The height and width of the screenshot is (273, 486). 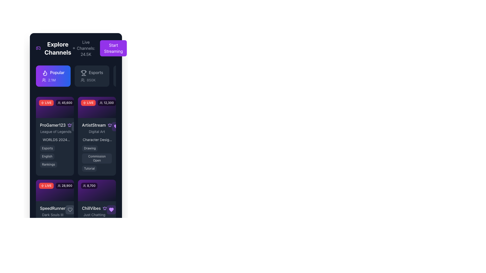 I want to click on the minimalistic user group outline SVG icon located adjacent to the '8,700' badge in the lower right section of the interface, so click(x=85, y=186).